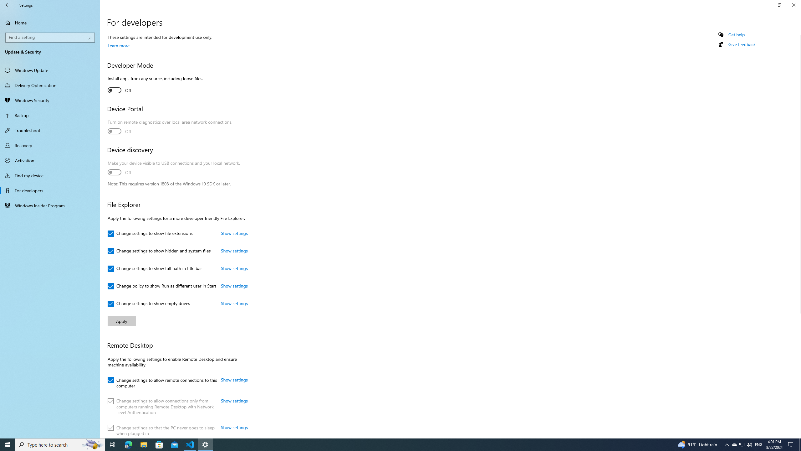 The image size is (801, 451). I want to click on 'Show settings: Change settings to show file extensions', so click(234, 233).